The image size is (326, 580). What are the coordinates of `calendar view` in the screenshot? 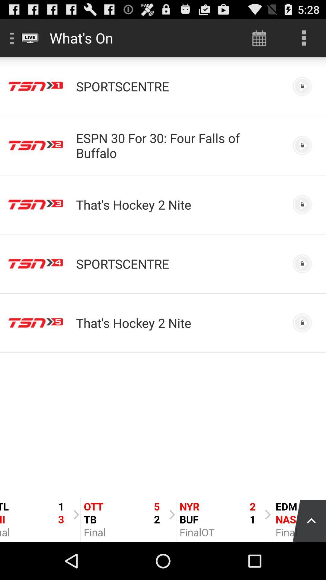 It's located at (259, 37).